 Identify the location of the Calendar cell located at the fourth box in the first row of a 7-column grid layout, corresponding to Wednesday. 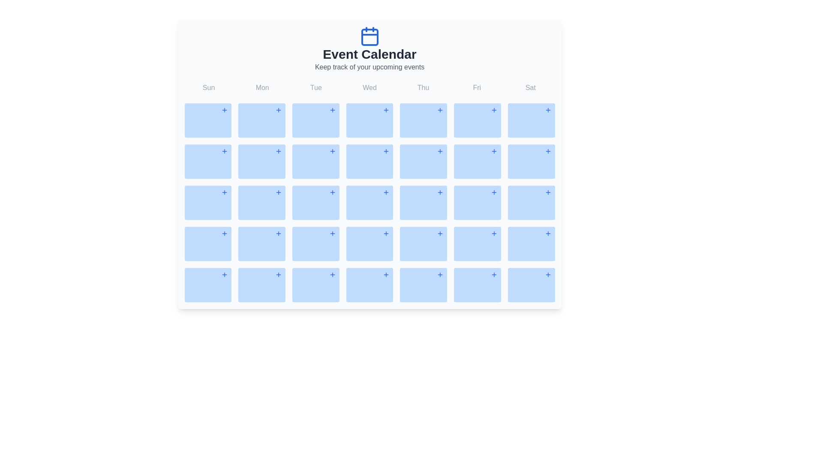
(369, 120).